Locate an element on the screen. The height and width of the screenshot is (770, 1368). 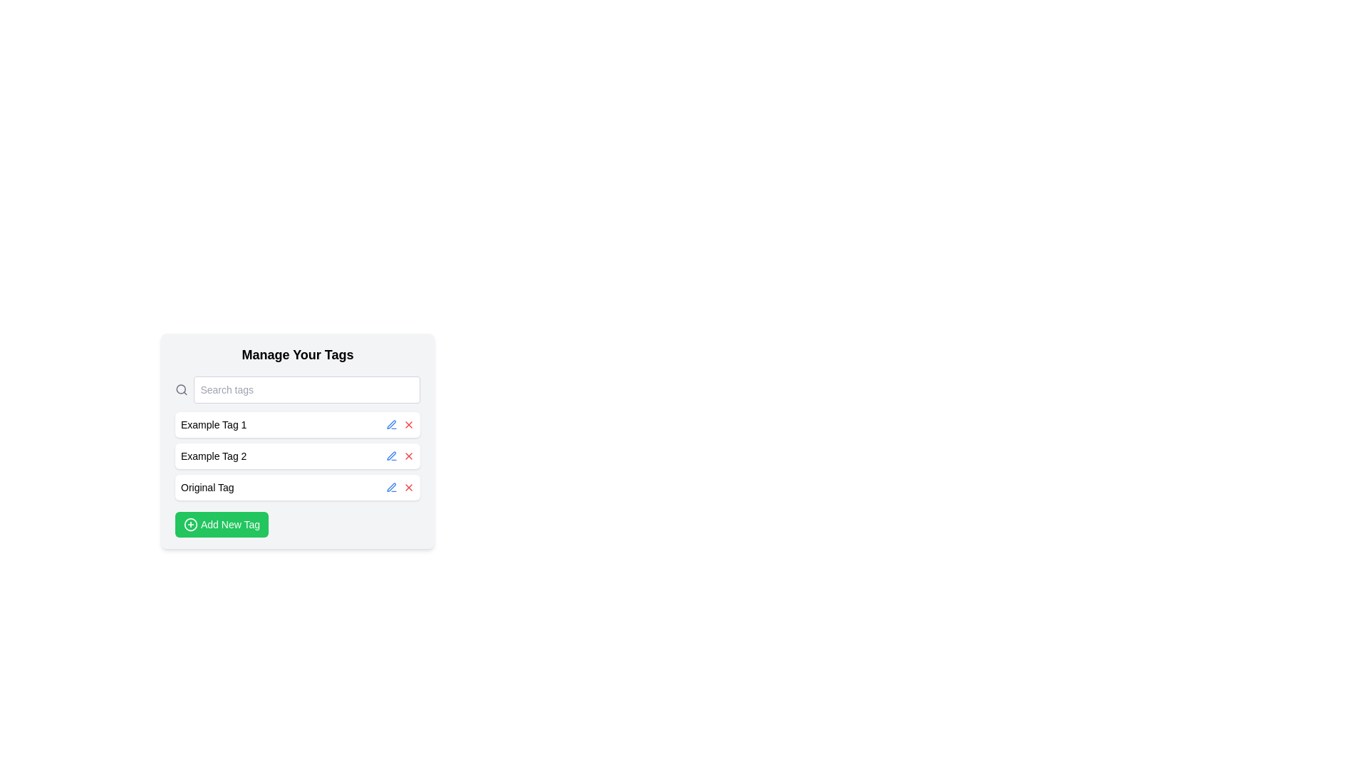
the search icon located at the far left side of the search bar, adjacent to the text input field labeled 'Search tags.' is located at coordinates (181, 390).